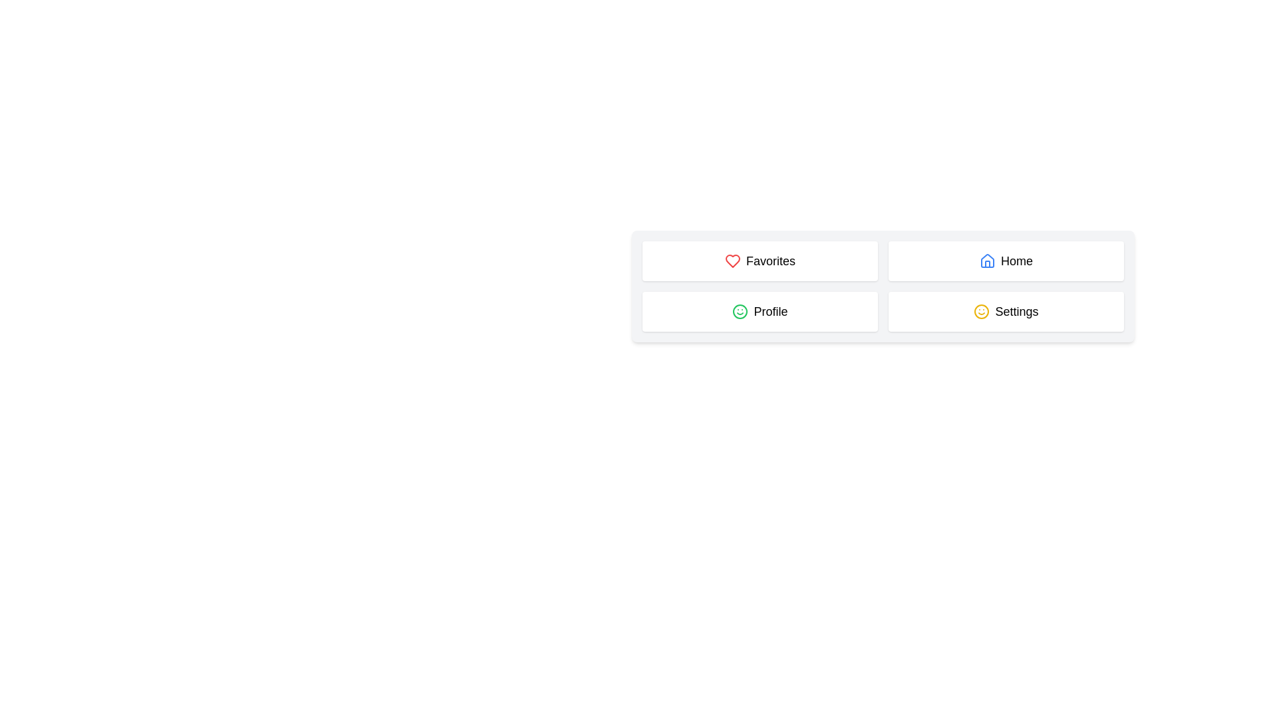  Describe the element at coordinates (987, 261) in the screenshot. I see `the 'Home' icon located in the top-right section of the grid, which visually represents the 'Home' option` at that location.